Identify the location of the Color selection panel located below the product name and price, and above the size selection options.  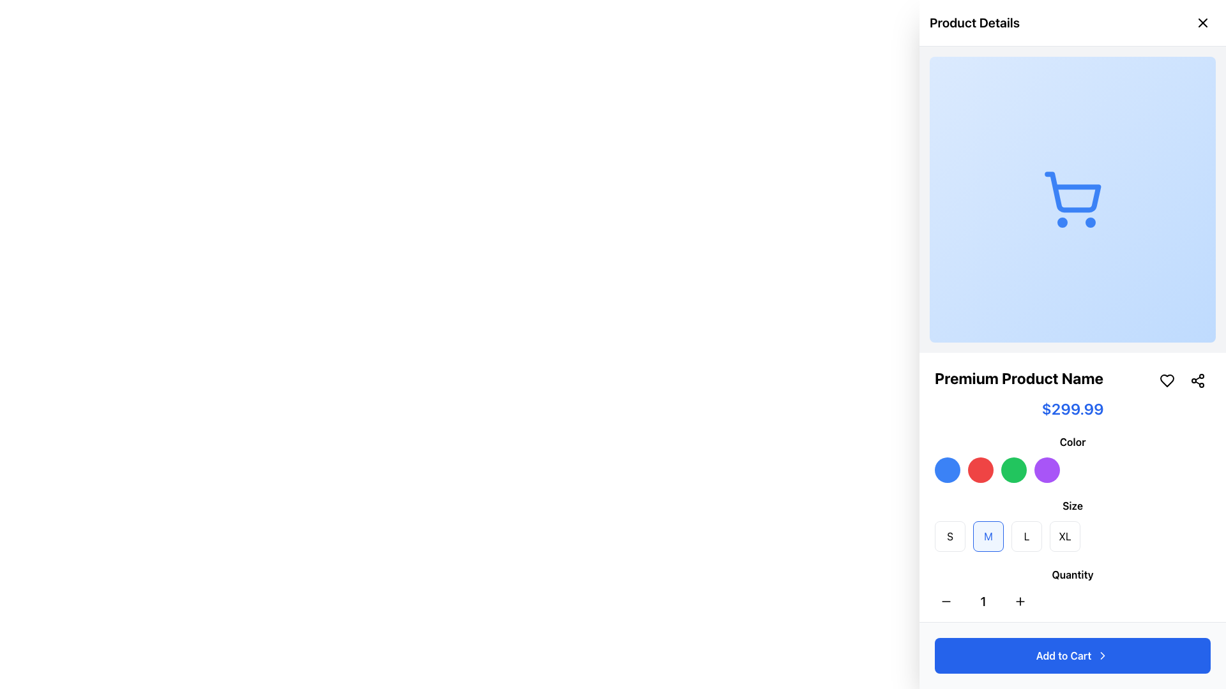
(1073, 457).